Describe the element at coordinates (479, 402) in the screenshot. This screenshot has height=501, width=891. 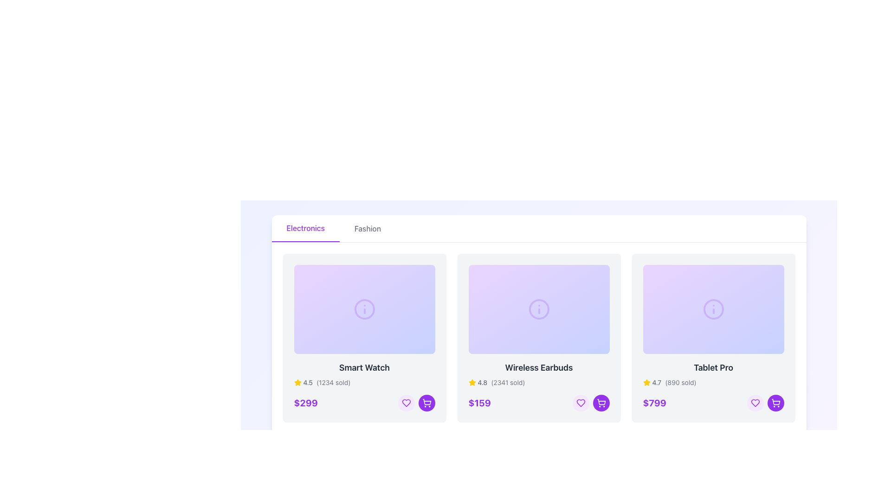
I see `the price label for the 'Wireless Earbuds' product, located in the center section of the second product card from the left` at that location.